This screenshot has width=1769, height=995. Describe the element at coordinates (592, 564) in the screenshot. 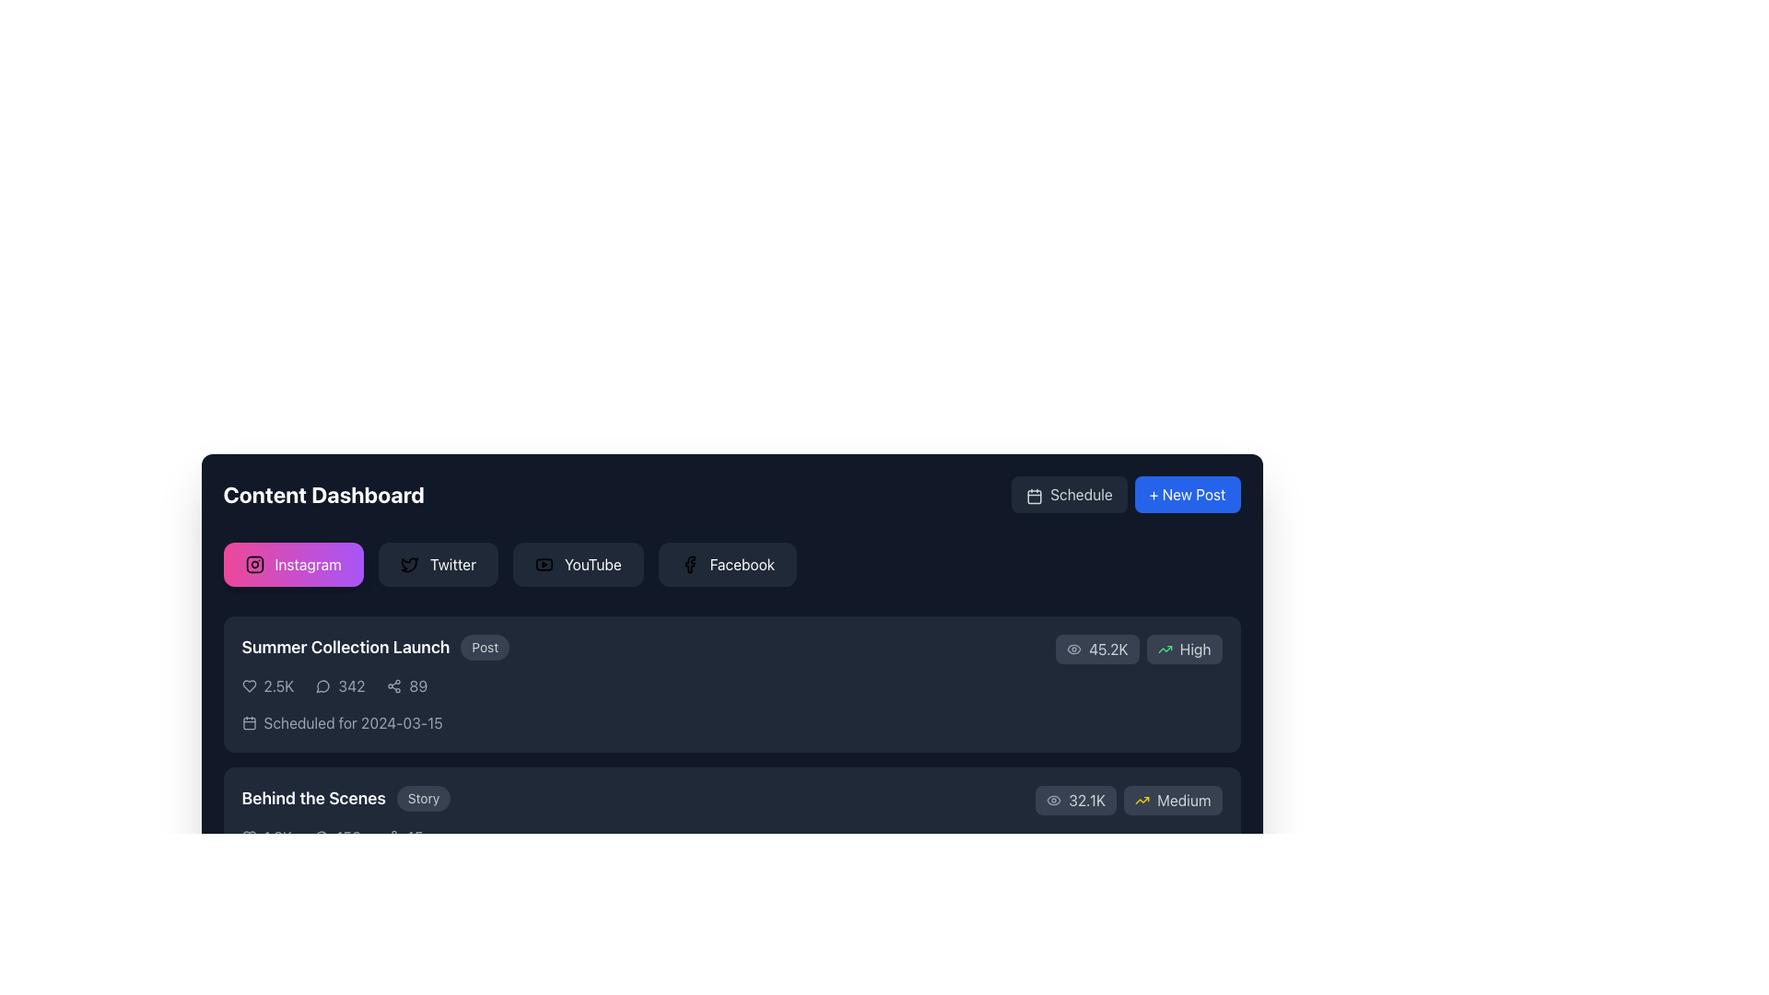

I see `the 'YouTube' button in the navigation bar` at that location.